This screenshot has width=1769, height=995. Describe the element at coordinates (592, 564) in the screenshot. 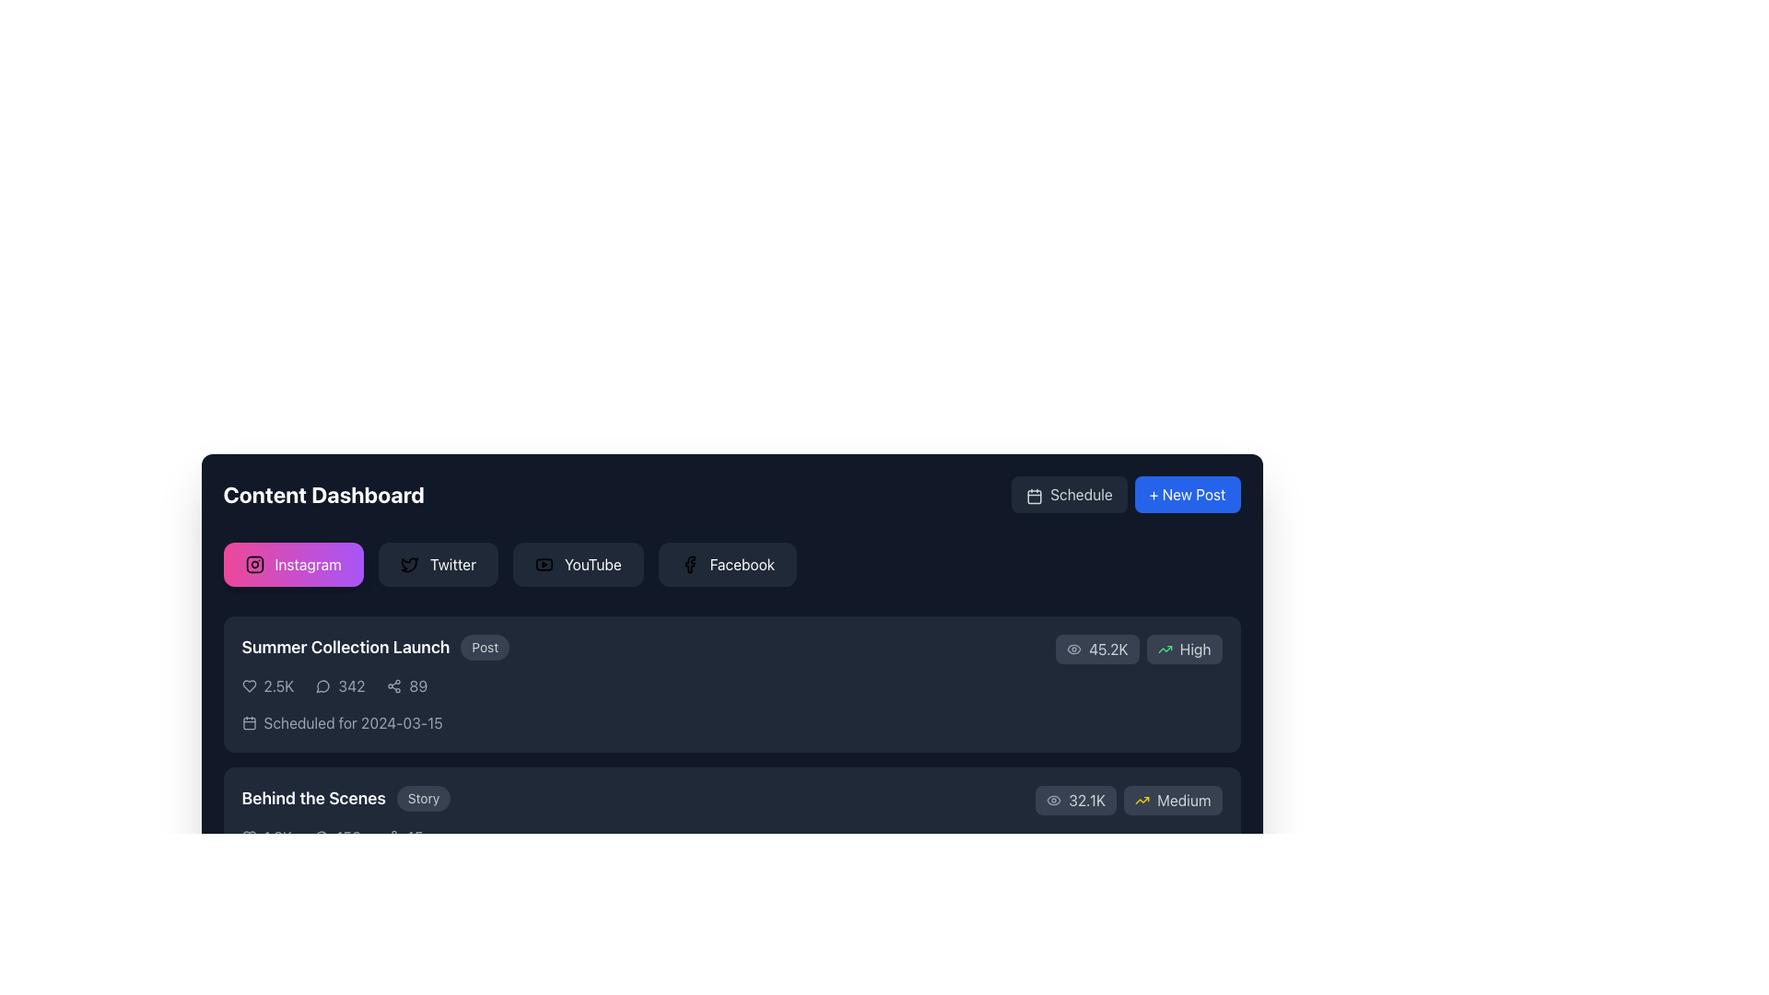

I see `the 'YouTube' button in the navigation bar` at that location.